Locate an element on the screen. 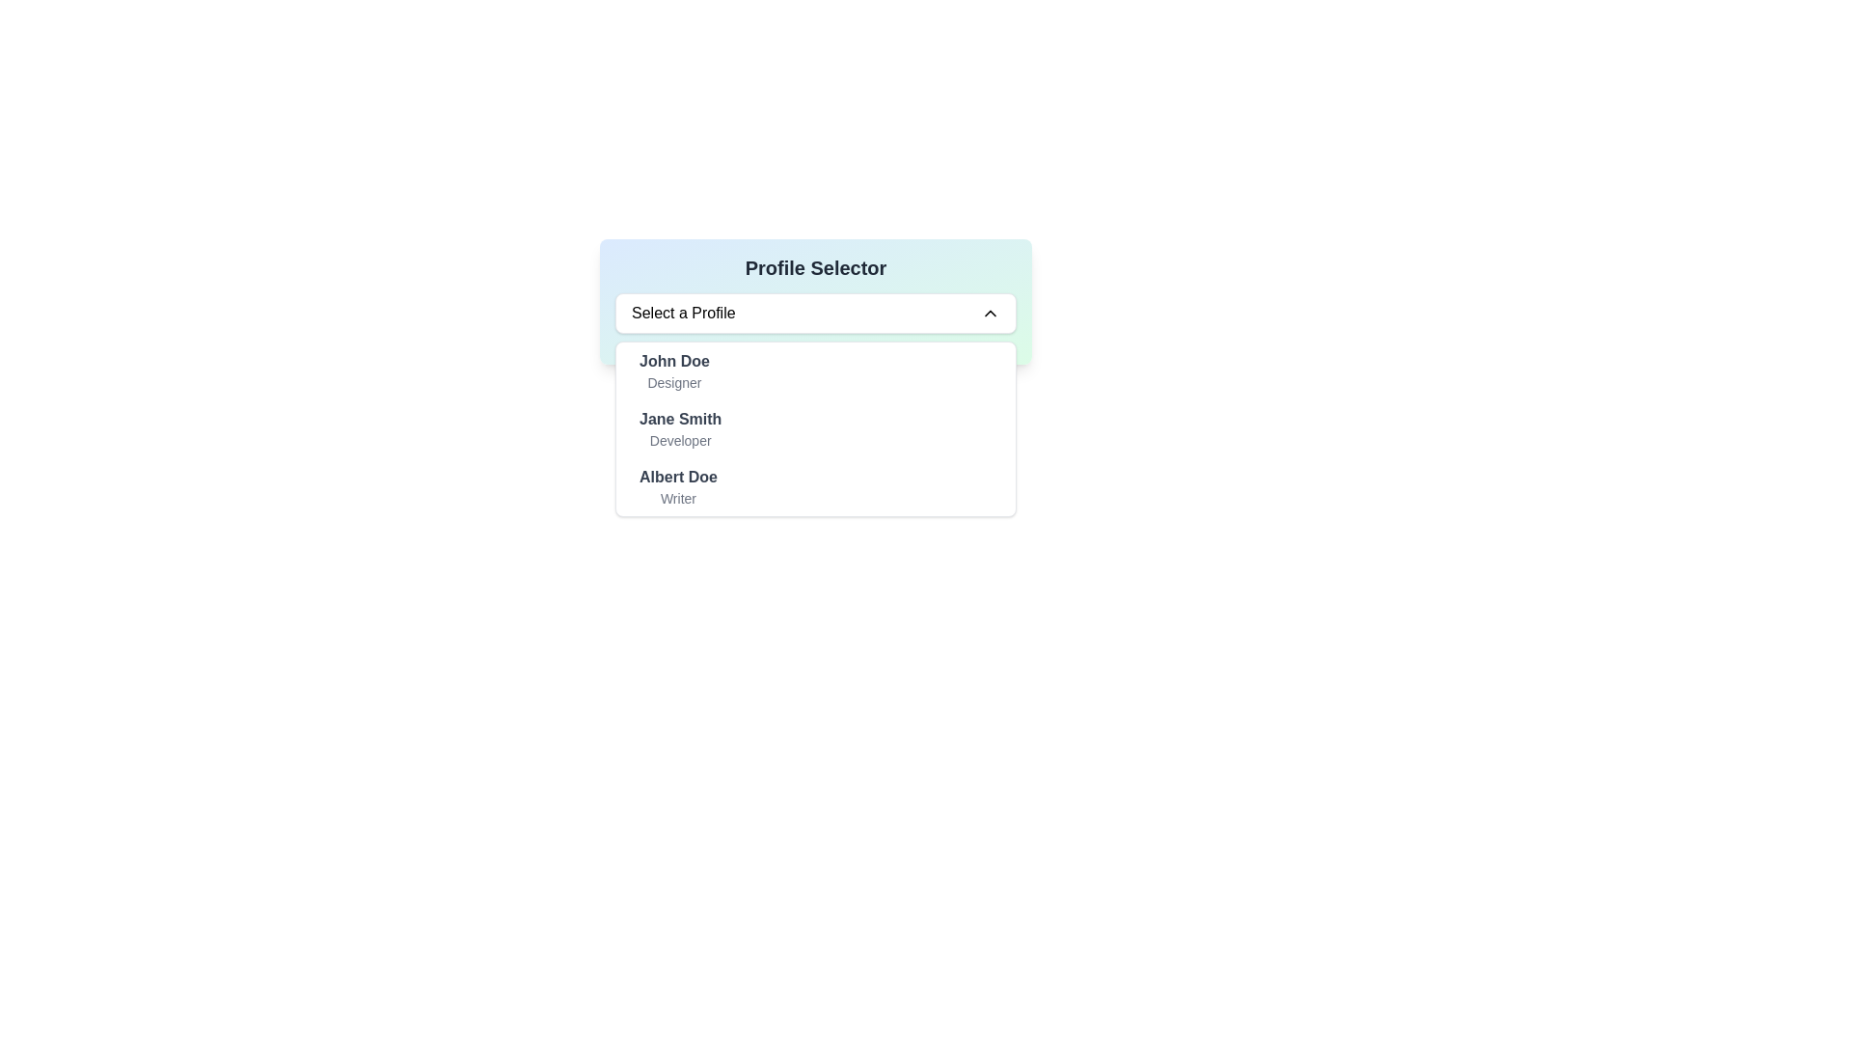 The height and width of the screenshot is (1042, 1852). the 'Profile Selector' text label element, which is a bold and large font heading for the profile selection interface, centrally aligned above the 'Select a Profile' dropdown is located at coordinates (815, 267).